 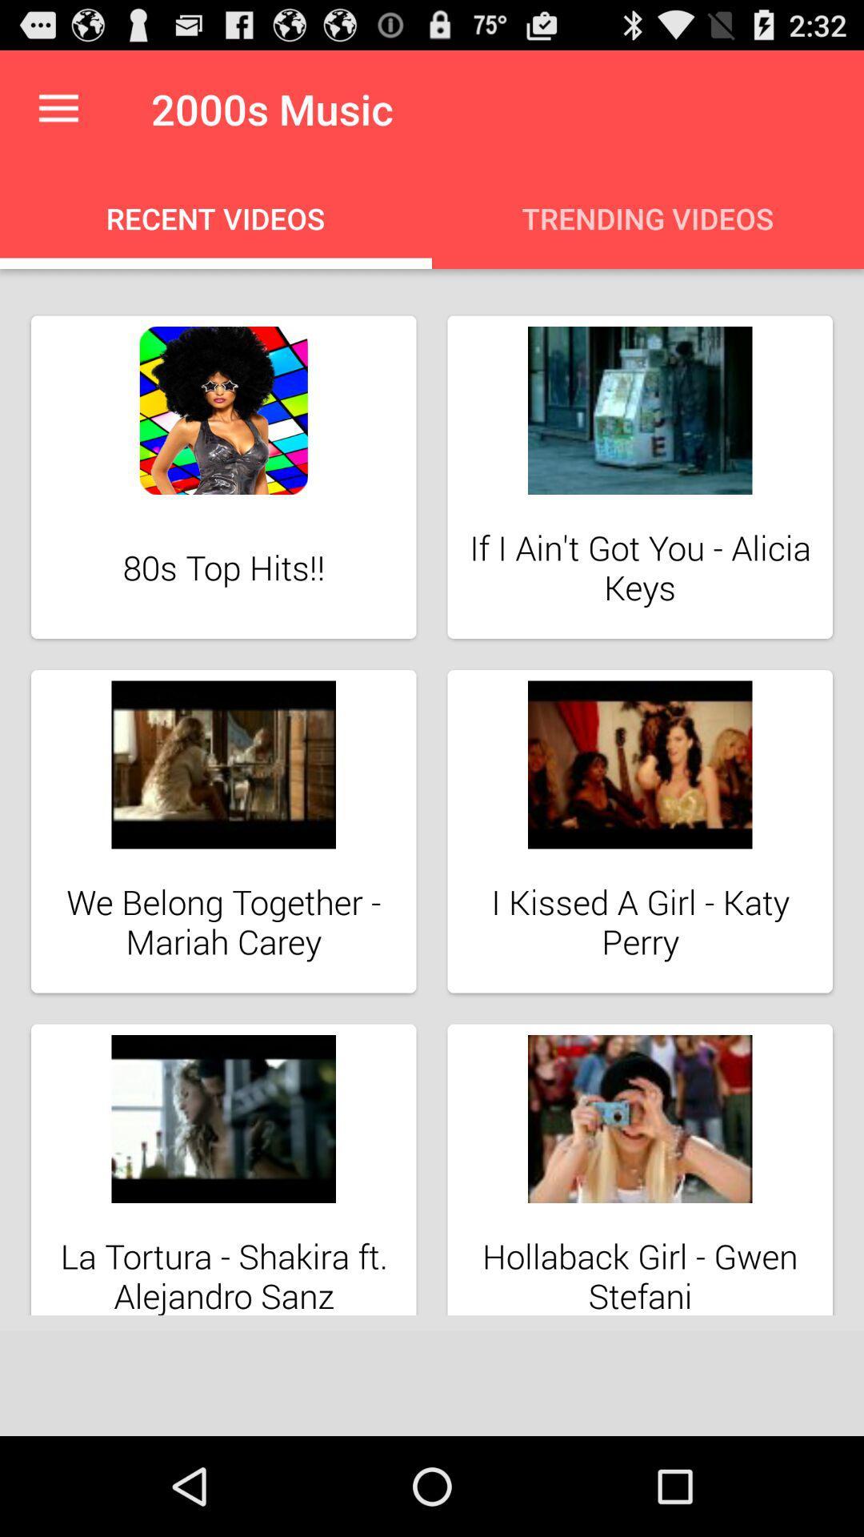 I want to click on the third video which on left side, so click(x=224, y=831).